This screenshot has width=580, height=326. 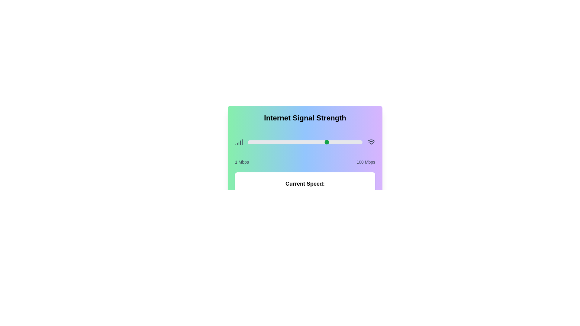 I want to click on the slider to set the signal strength to 49 Mbps, so click(x=303, y=142).